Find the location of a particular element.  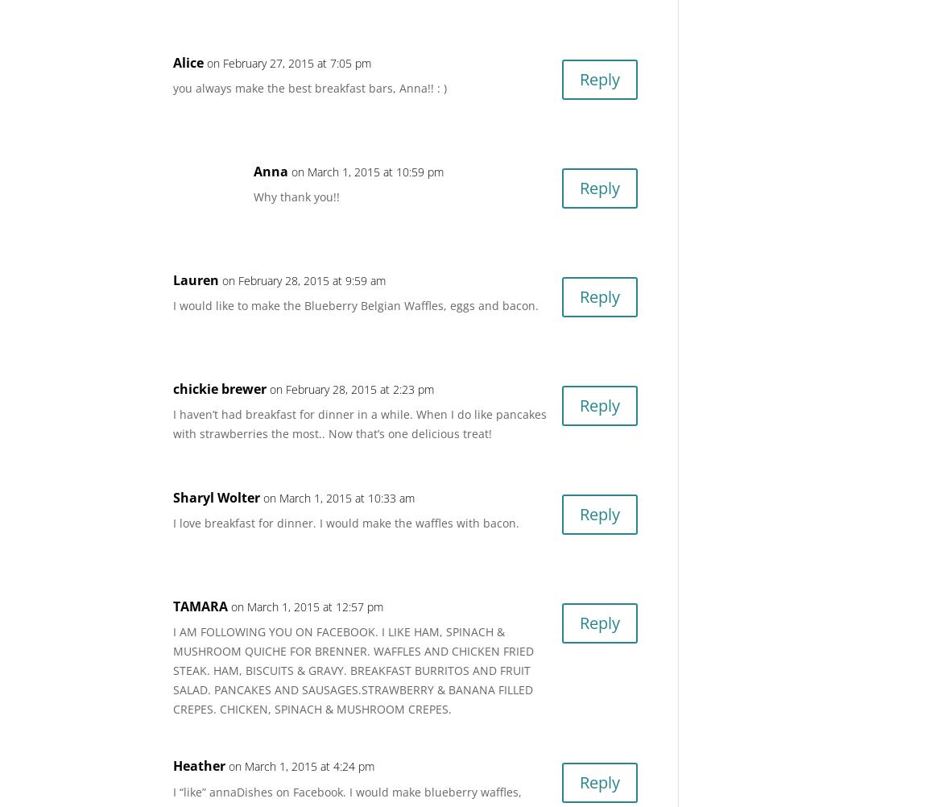

'on February 28, 2015 at 2:23 pm' is located at coordinates (269, 387).